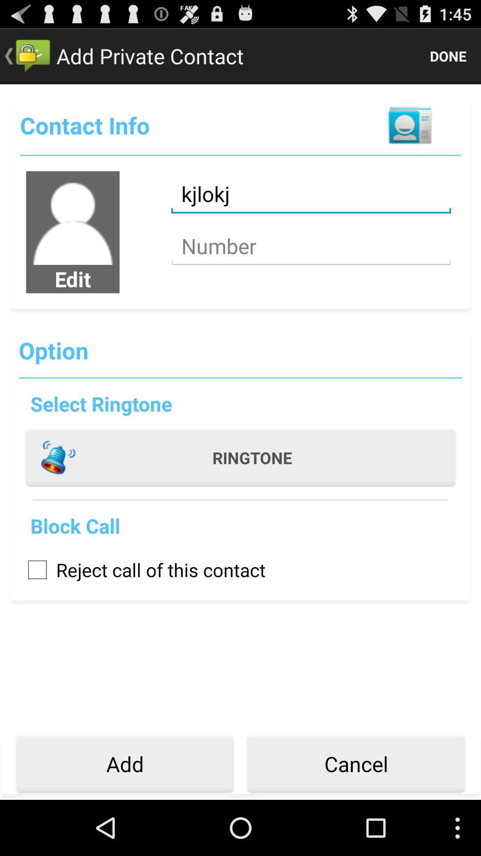 This screenshot has width=481, height=856. I want to click on reject call of item, so click(142, 569).